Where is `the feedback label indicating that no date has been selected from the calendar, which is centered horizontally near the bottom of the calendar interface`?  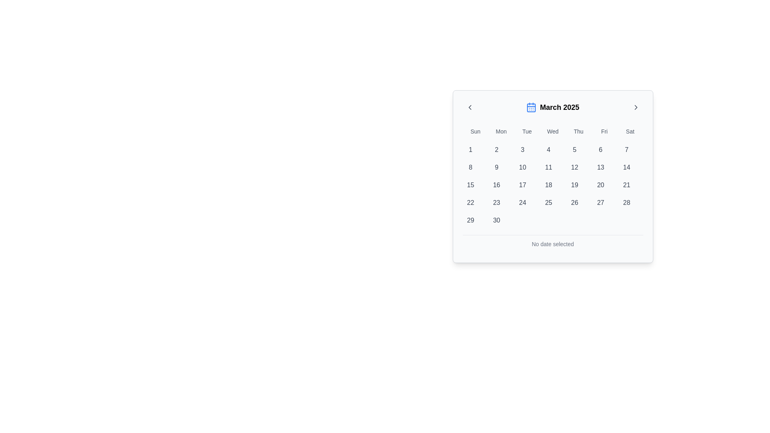 the feedback label indicating that no date has been selected from the calendar, which is centered horizontally near the bottom of the calendar interface is located at coordinates (552, 244).